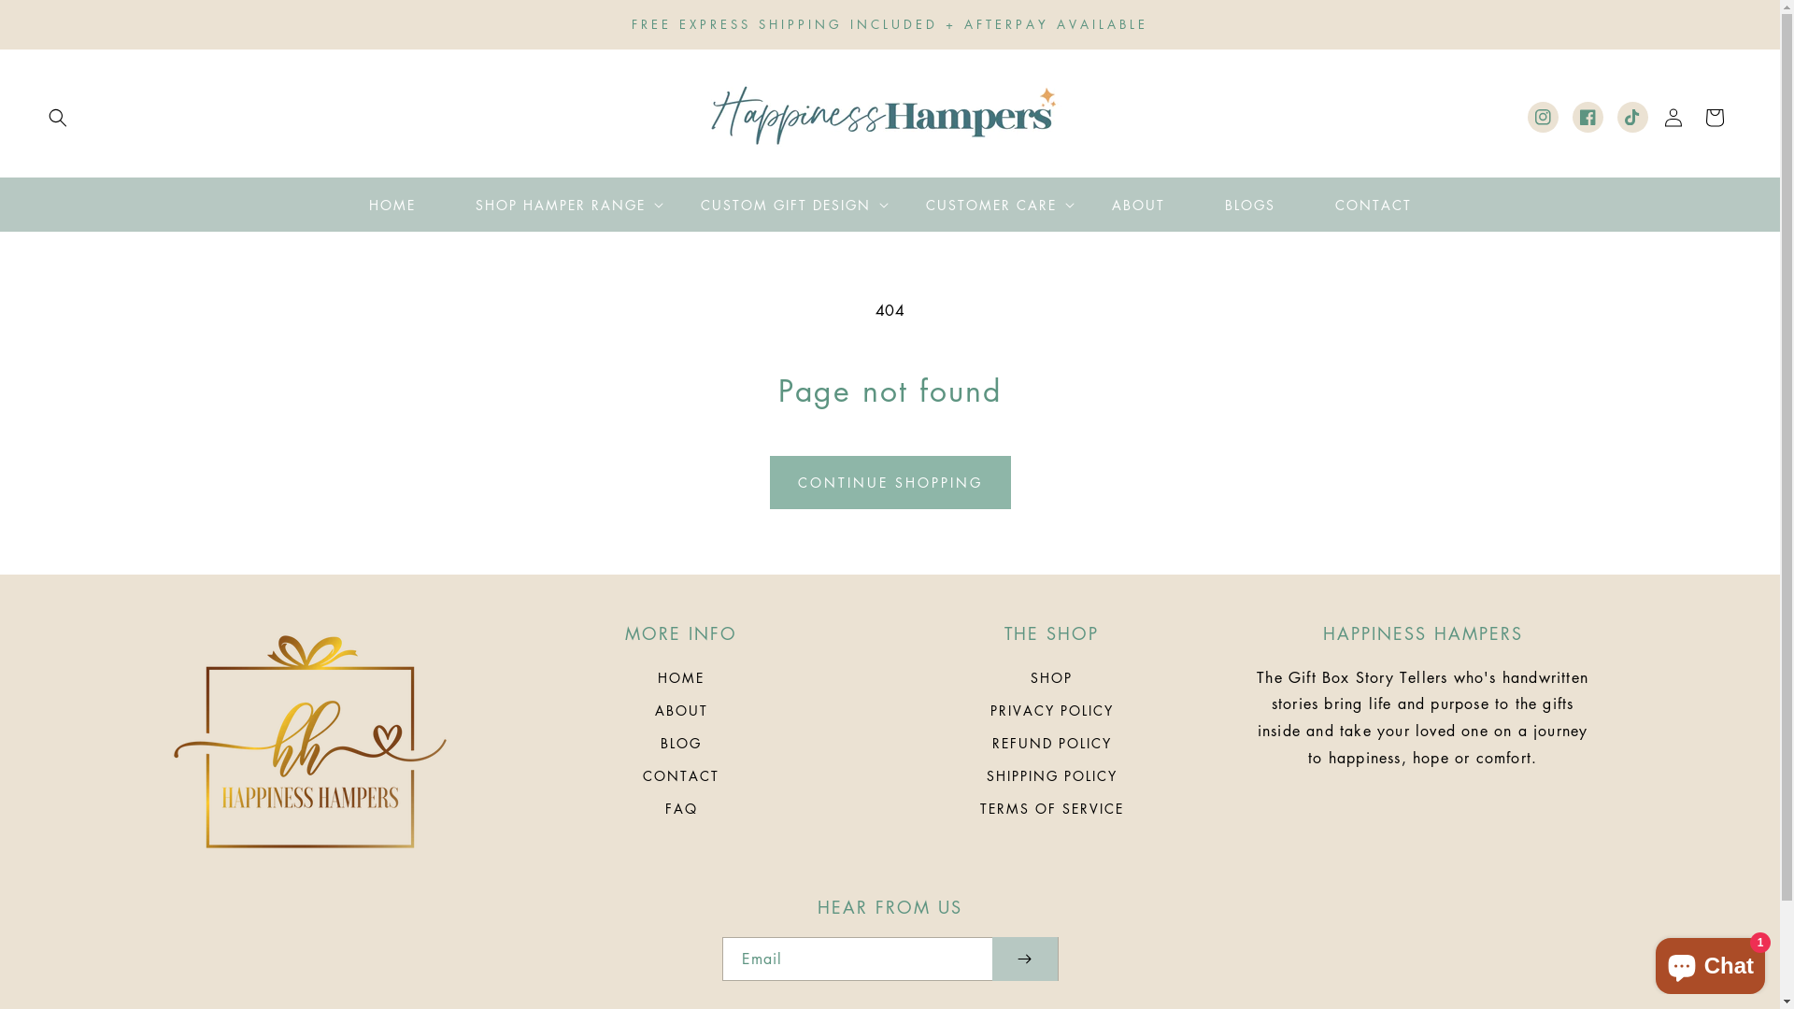  I want to click on 'CONTINUE SHOPPING', so click(770, 481).